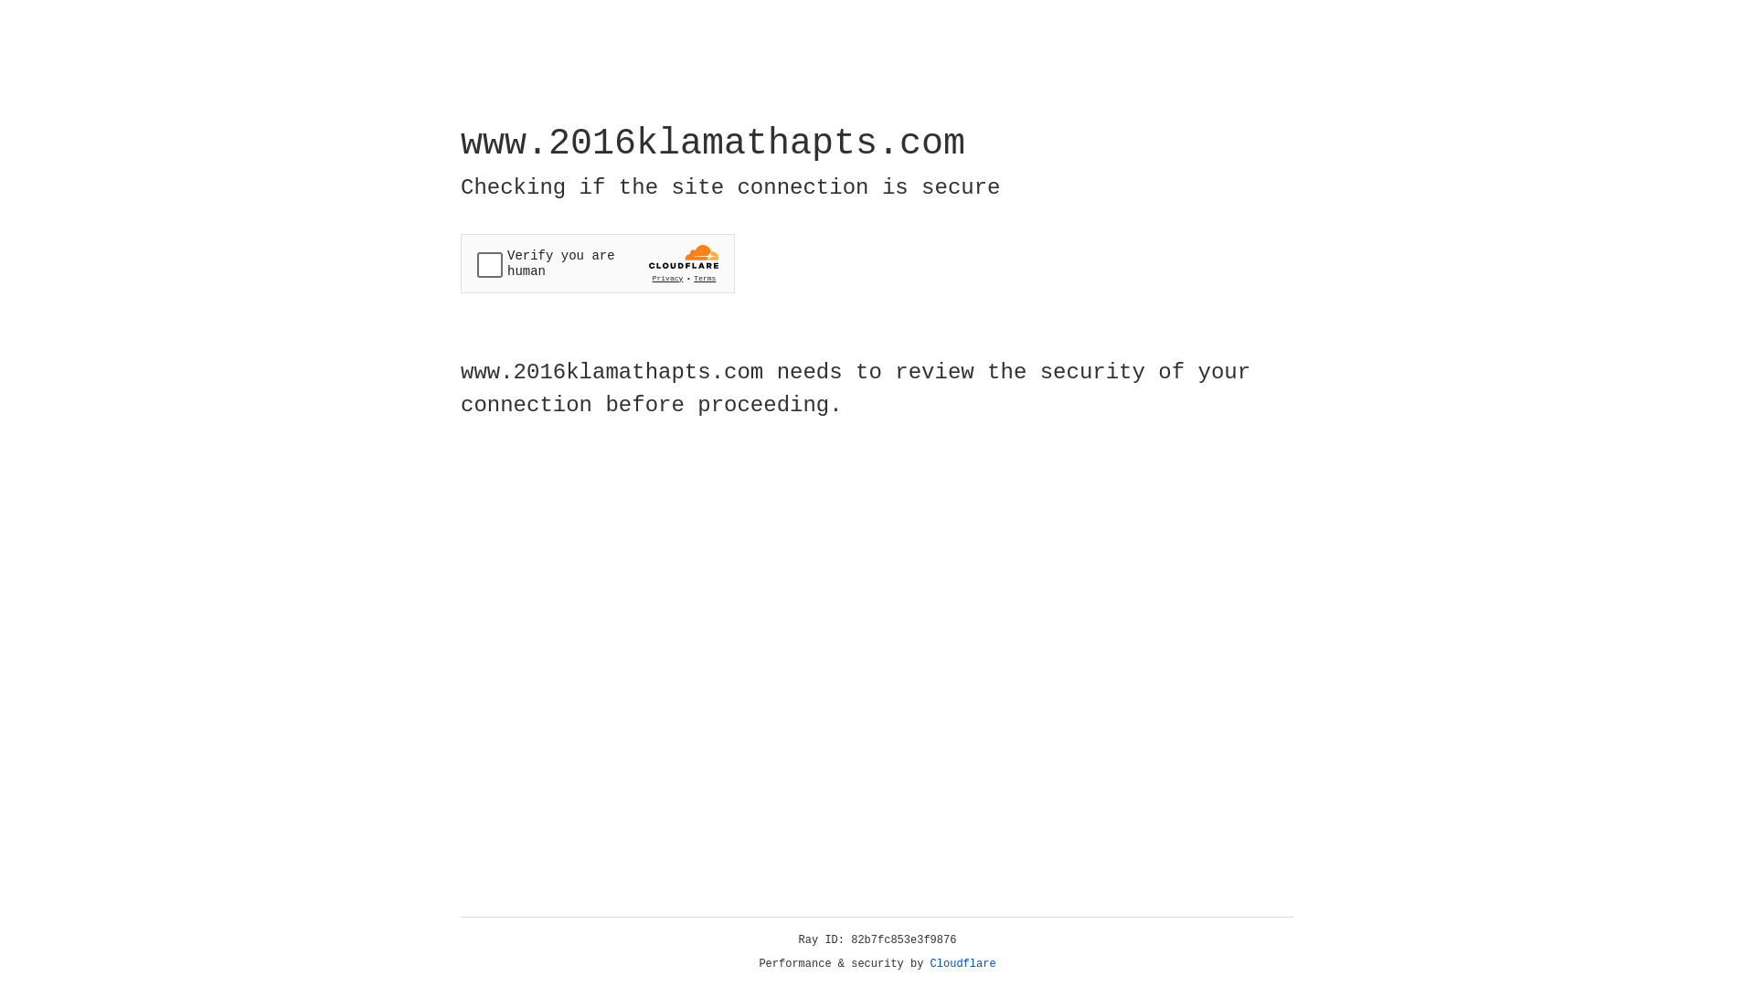  Describe the element at coordinates (963, 963) in the screenshot. I see `'Cloudflare'` at that location.